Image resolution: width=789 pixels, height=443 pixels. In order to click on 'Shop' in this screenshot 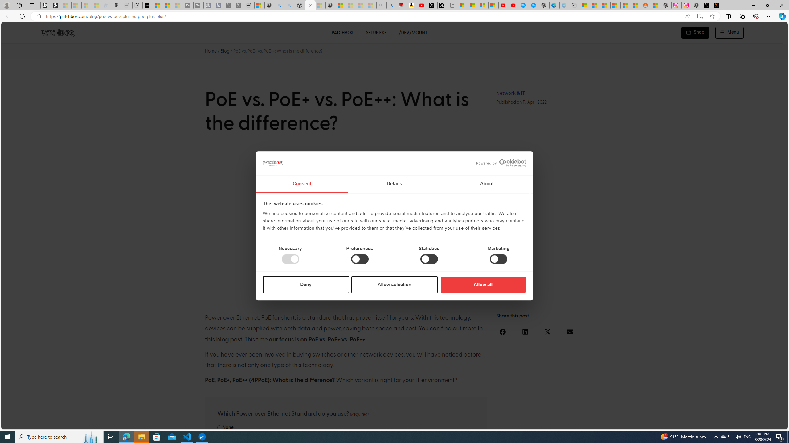, I will do `click(695, 33)`.